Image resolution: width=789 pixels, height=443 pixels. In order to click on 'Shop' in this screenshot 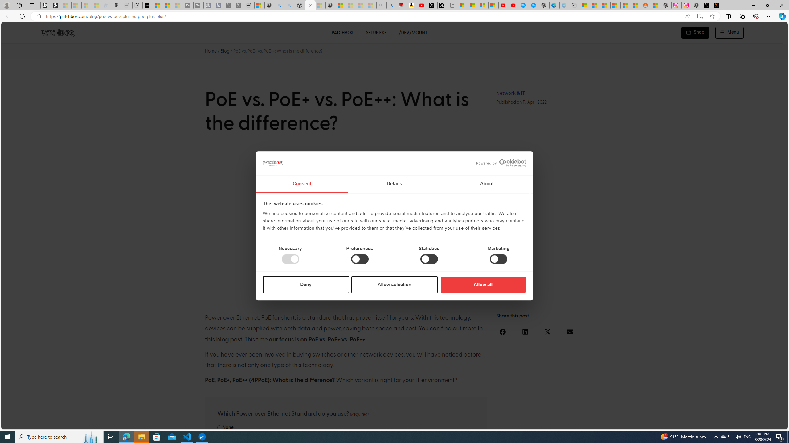, I will do `click(695, 33)`.